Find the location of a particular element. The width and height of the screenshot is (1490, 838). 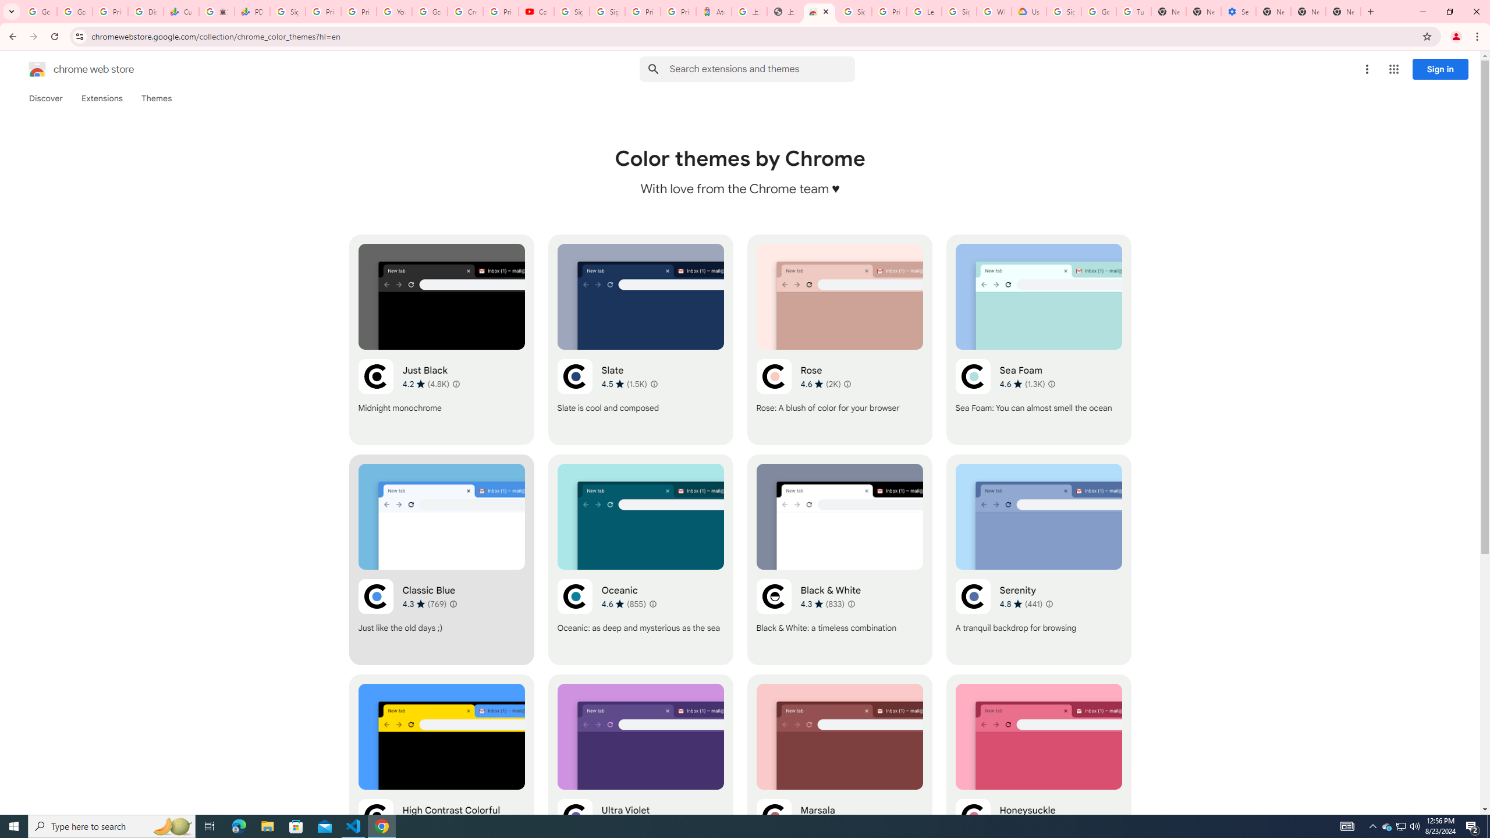

'Extensions' is located at coordinates (102, 98).